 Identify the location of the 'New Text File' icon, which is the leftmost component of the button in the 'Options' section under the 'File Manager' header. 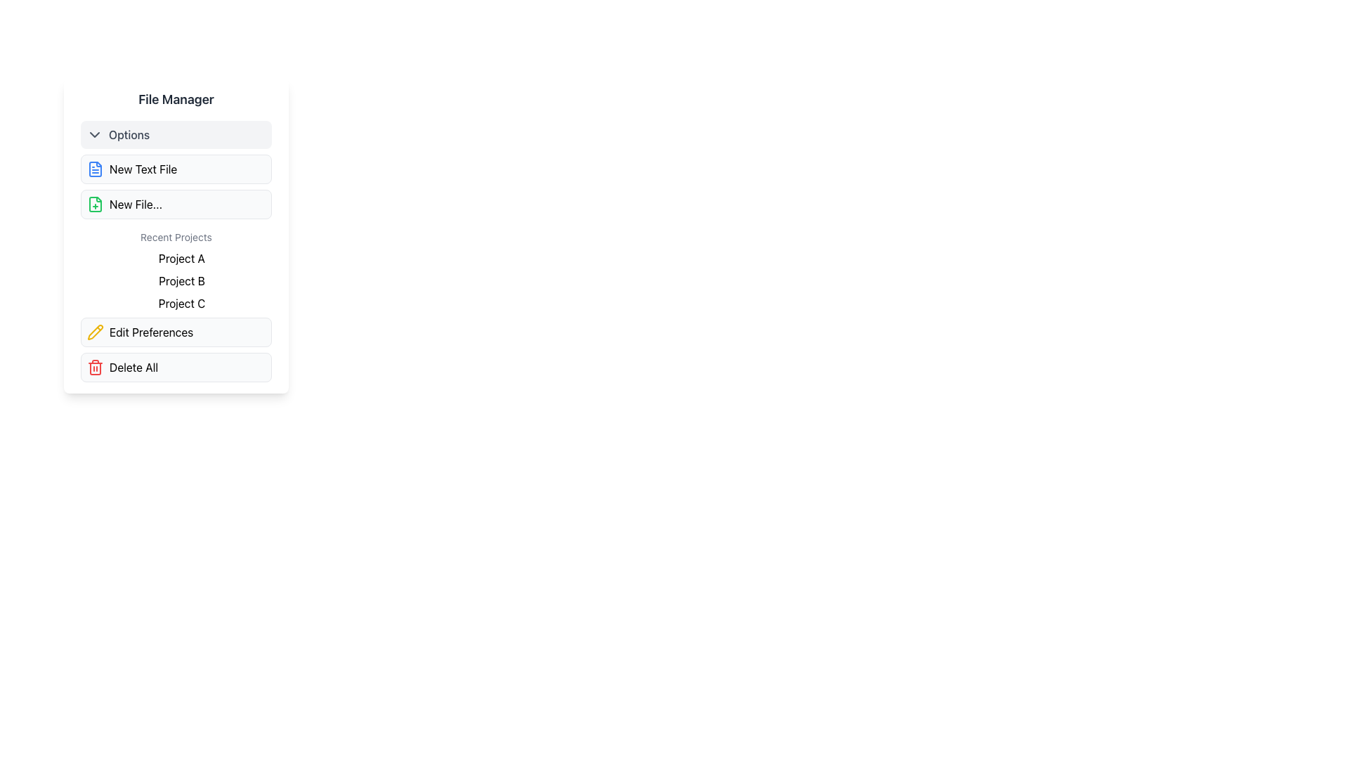
(94, 168).